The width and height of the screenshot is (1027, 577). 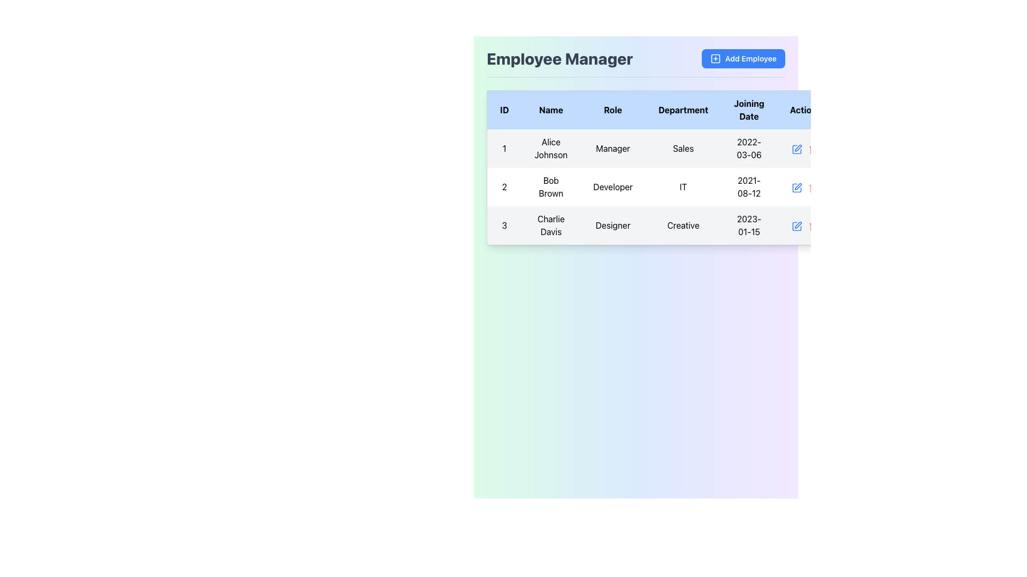 What do you see at coordinates (797, 225) in the screenshot?
I see `the Decorative Graphic element, which is part of a pencil-and-square icon in the 'Actions' column of the third row corresponding to 'Charlie Davis'` at bounding box center [797, 225].